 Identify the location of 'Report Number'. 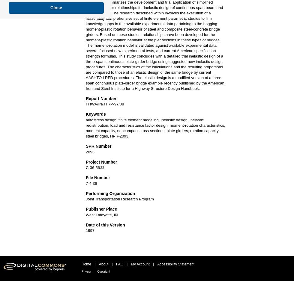
(101, 98).